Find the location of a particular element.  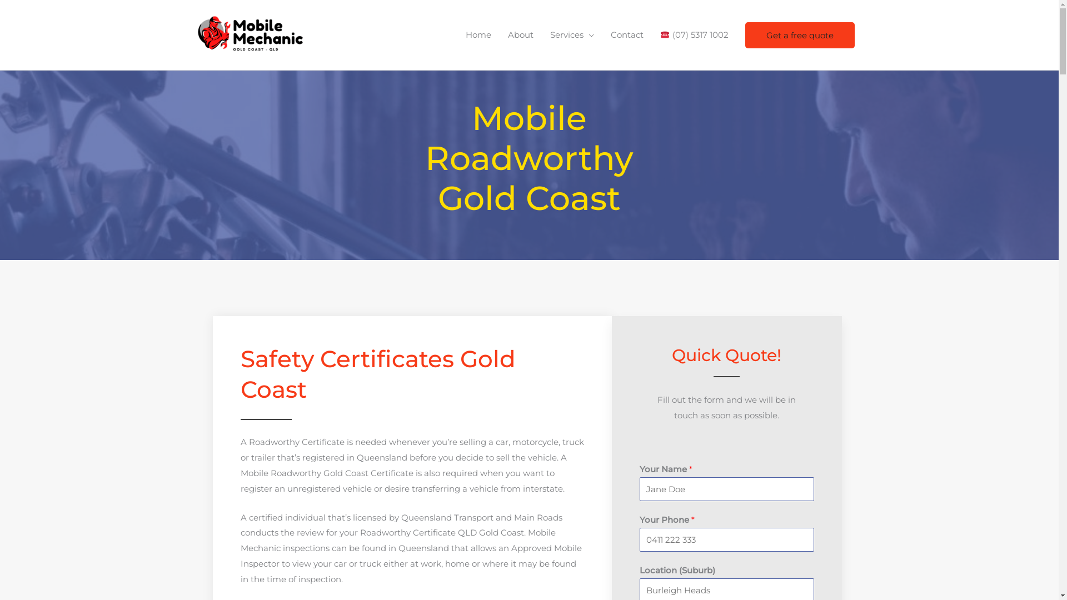

'Contact' is located at coordinates (627, 34).